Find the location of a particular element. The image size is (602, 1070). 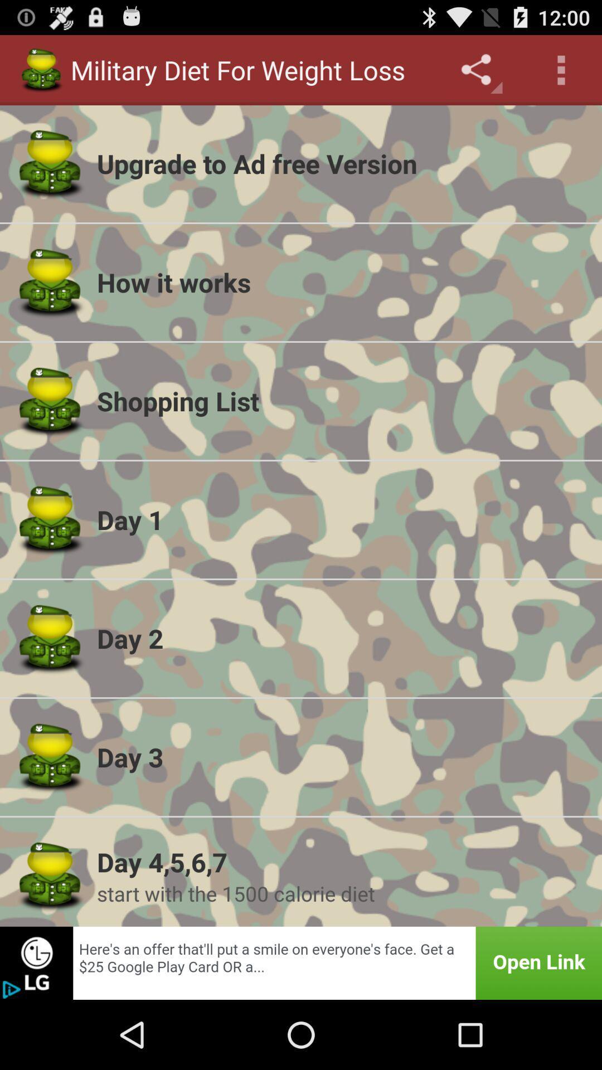

the day 4 5 icon is located at coordinates (342, 861).